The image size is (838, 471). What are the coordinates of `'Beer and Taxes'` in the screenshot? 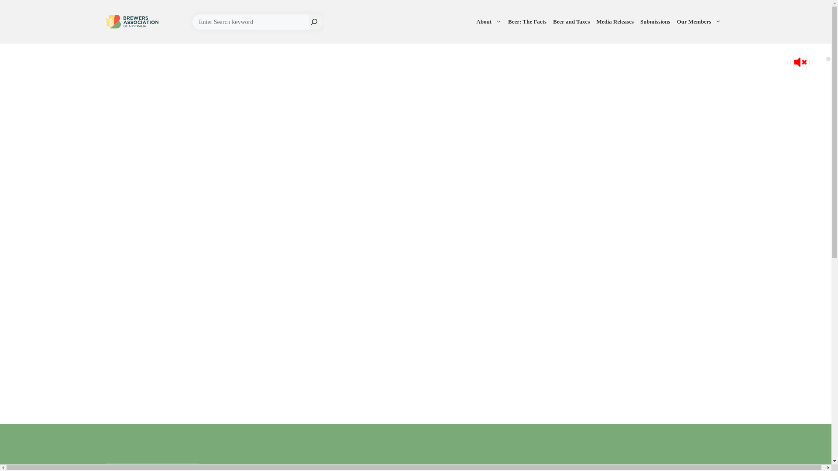 It's located at (572, 21).